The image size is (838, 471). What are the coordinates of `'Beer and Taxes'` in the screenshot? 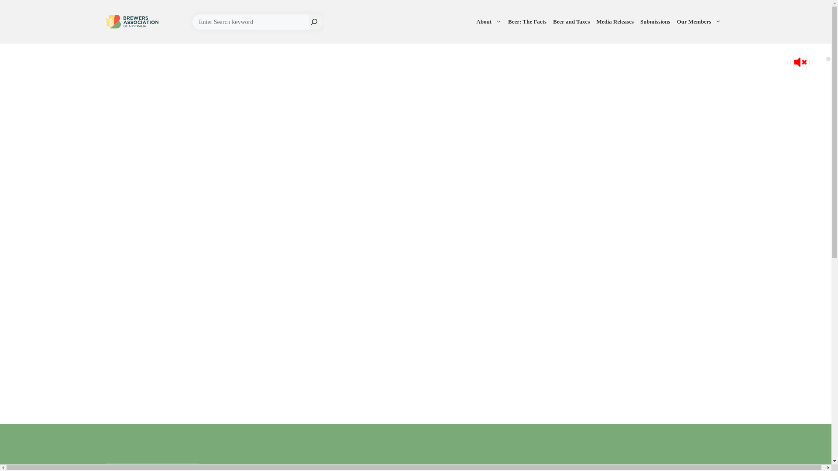 It's located at (572, 21).